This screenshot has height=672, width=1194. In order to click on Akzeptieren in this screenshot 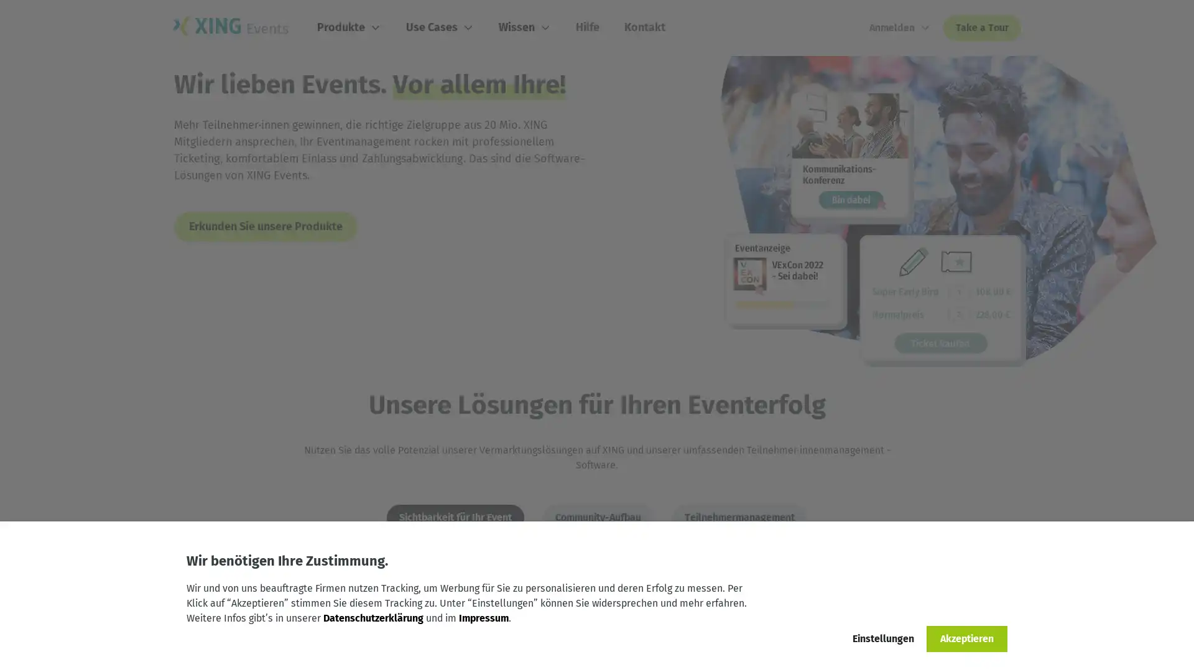, I will do `click(966, 638)`.